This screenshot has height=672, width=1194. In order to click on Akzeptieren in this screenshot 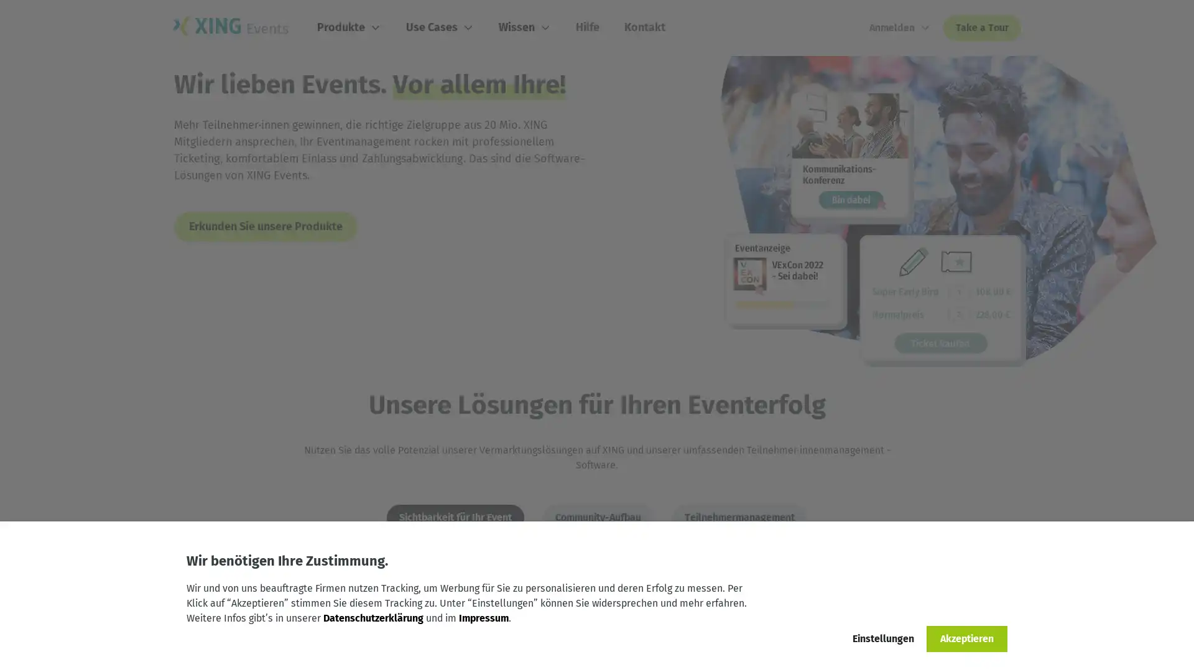, I will do `click(966, 638)`.